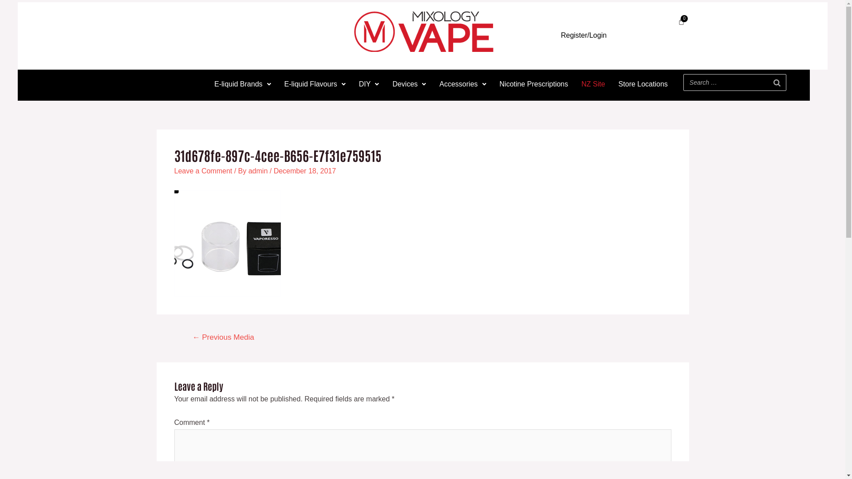 The height and width of the screenshot is (479, 852). I want to click on 'Devices', so click(408, 84).